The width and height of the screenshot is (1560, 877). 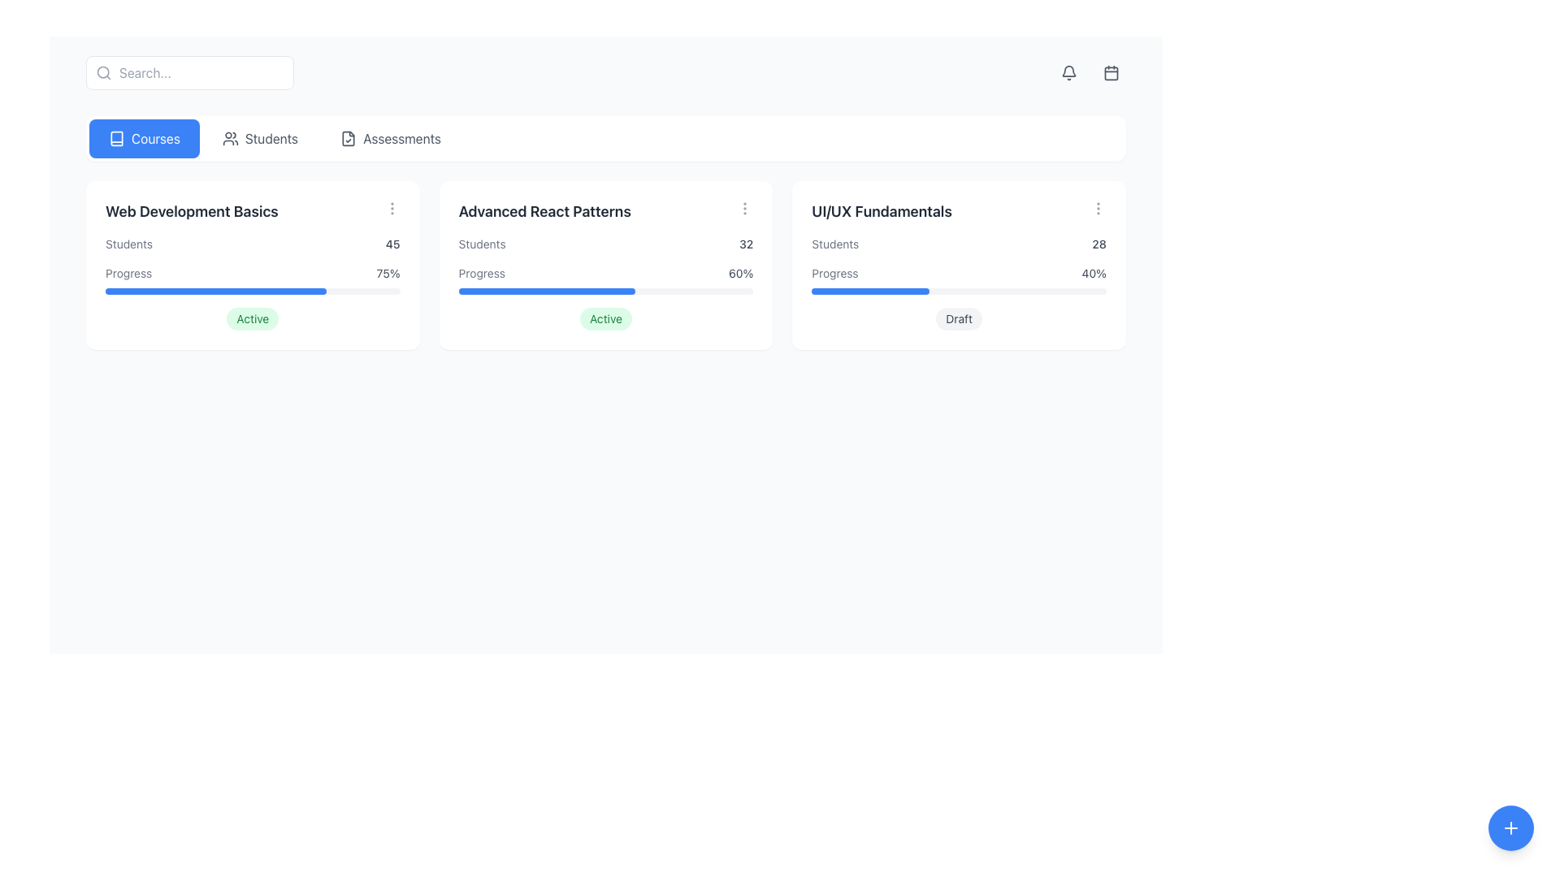 I want to click on the text label displaying 'Progress' in gray font, located in the second card below the 'Advanced React Patterns' header and above the progress bar, so click(x=481, y=272).